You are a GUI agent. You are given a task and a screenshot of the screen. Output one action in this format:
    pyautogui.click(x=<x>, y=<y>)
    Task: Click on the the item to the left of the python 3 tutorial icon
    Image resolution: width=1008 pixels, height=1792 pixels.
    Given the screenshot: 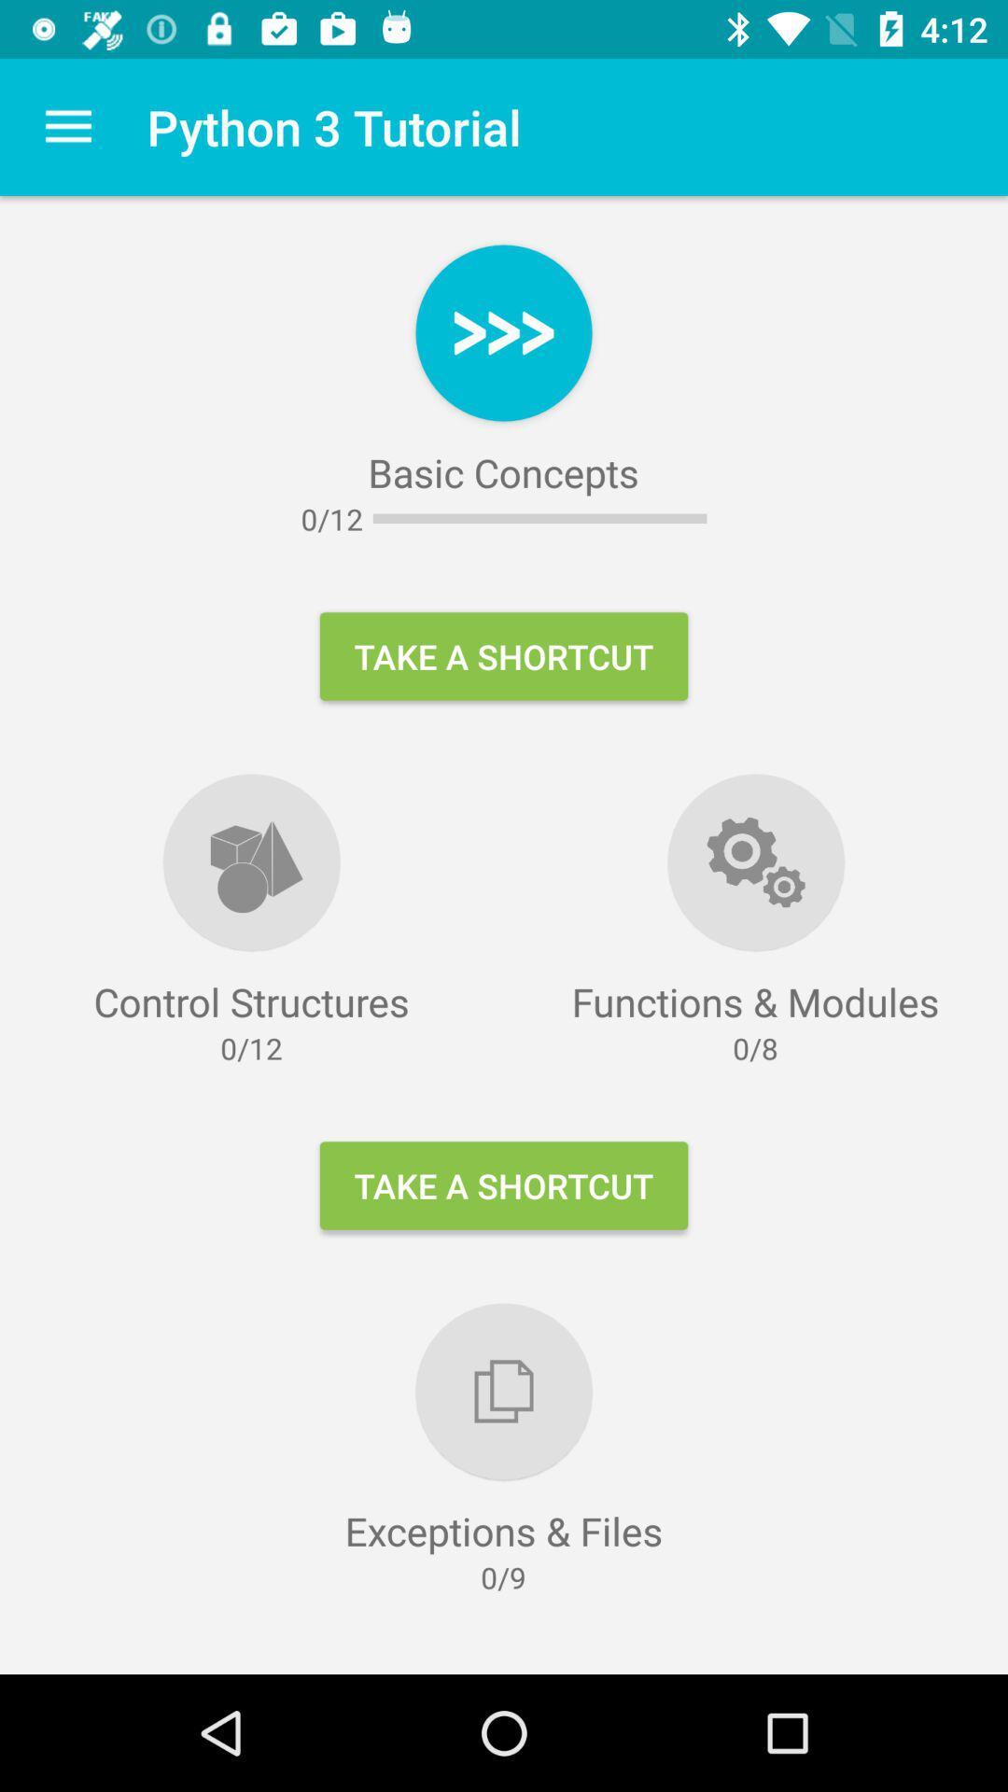 What is the action you would take?
    pyautogui.click(x=67, y=126)
    